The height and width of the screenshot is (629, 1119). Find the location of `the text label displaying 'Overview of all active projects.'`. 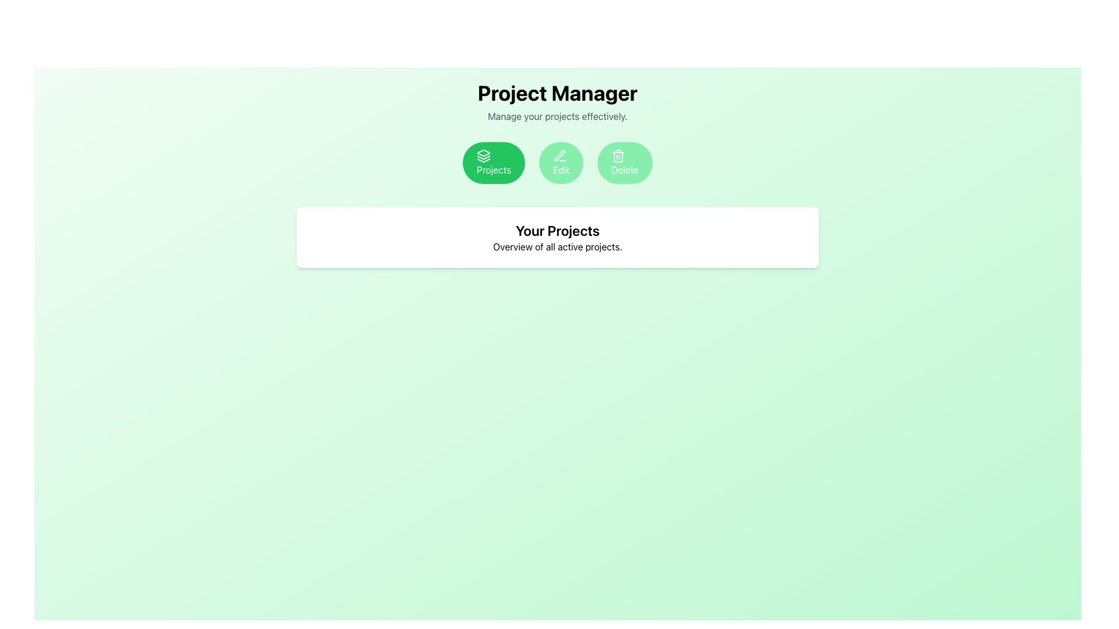

the text label displaying 'Overview of all active projects.' is located at coordinates (557, 246).